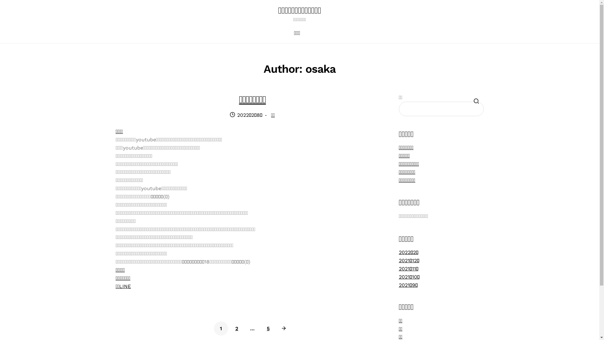 The width and height of the screenshot is (604, 340). What do you see at coordinates (115, 14) in the screenshot?
I see `'Skip to navigation'` at bounding box center [115, 14].